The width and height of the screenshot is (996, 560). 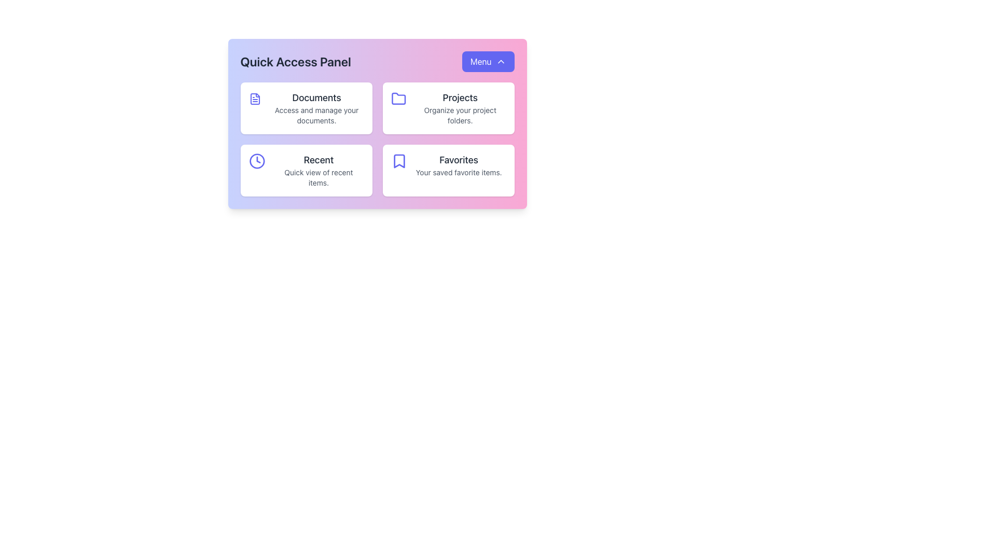 What do you see at coordinates (318, 170) in the screenshot?
I see `the 'Recent' text display and navigation element, which contains a bold title and a subtitle` at bounding box center [318, 170].